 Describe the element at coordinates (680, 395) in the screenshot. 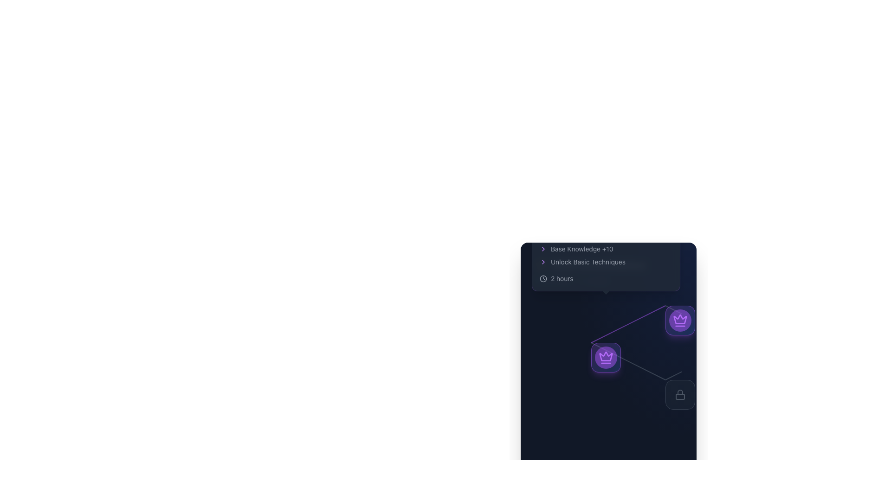

I see `the lock icon, which serves as a visual indicator for locking or security features` at that location.